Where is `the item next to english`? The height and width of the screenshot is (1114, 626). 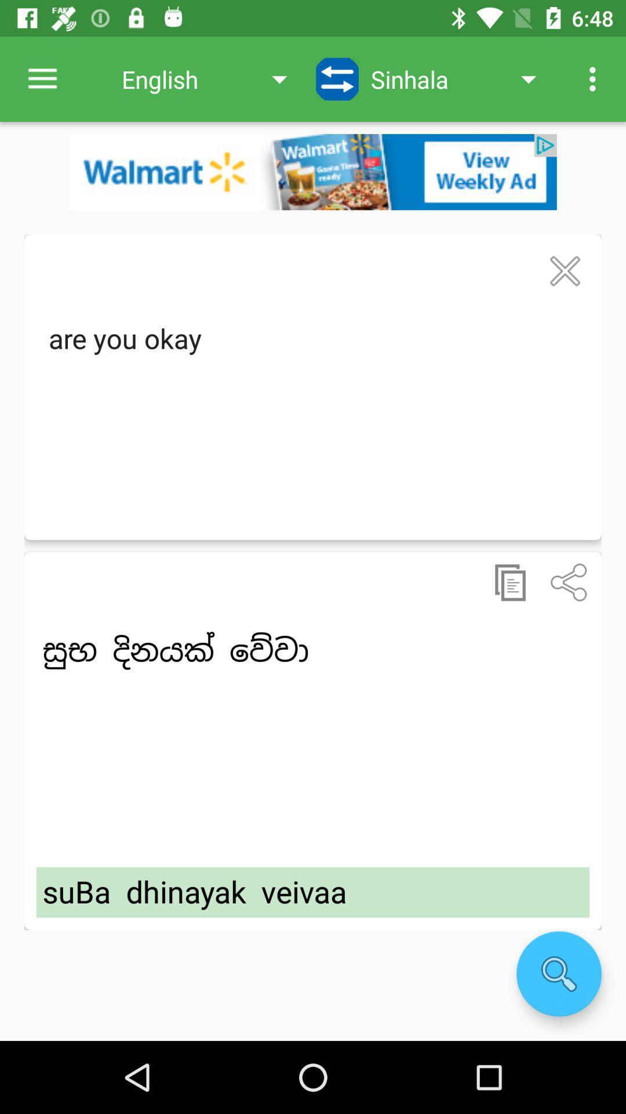 the item next to english is located at coordinates (42, 78).